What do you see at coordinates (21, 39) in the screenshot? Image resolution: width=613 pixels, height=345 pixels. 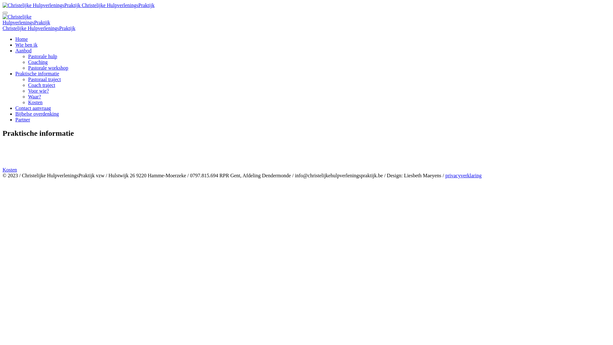 I see `'Home'` at bounding box center [21, 39].